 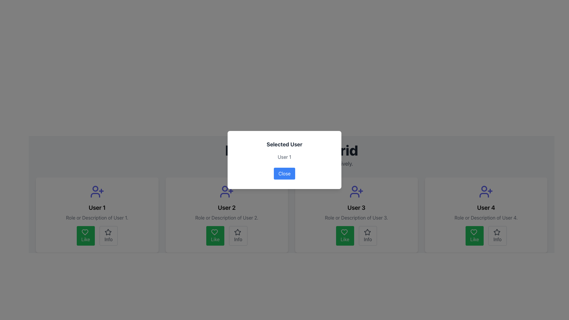 What do you see at coordinates (474, 235) in the screenshot?
I see `the 'Like' button with a green background and heart icon, located in the 'User 4' card` at bounding box center [474, 235].